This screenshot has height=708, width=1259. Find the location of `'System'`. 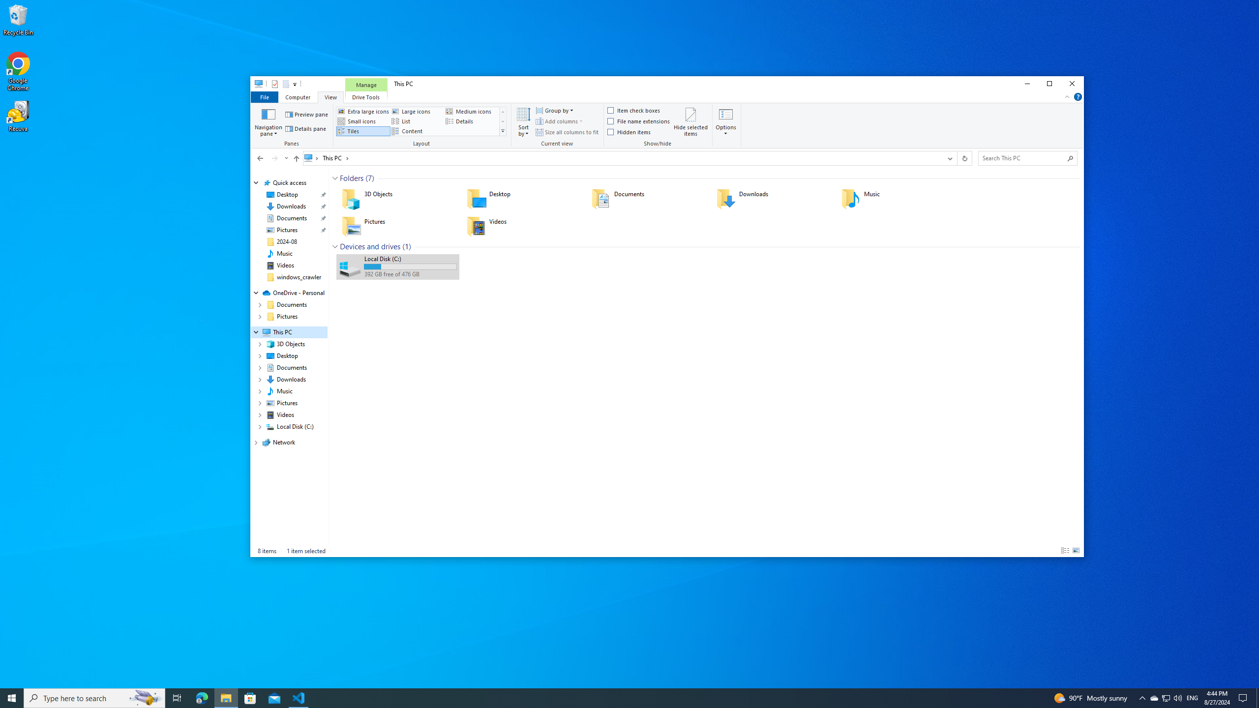

'System' is located at coordinates (255, 85).